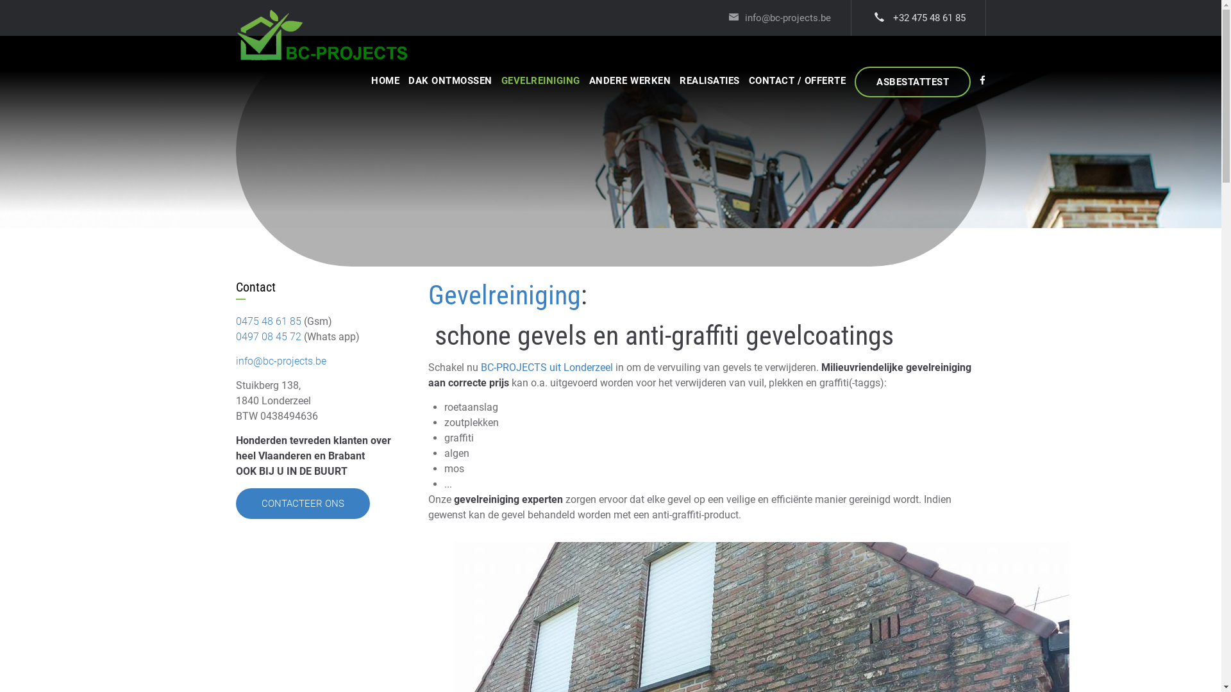  I want to click on 'BC-PROJECTS uit Londerzeel', so click(547, 367).